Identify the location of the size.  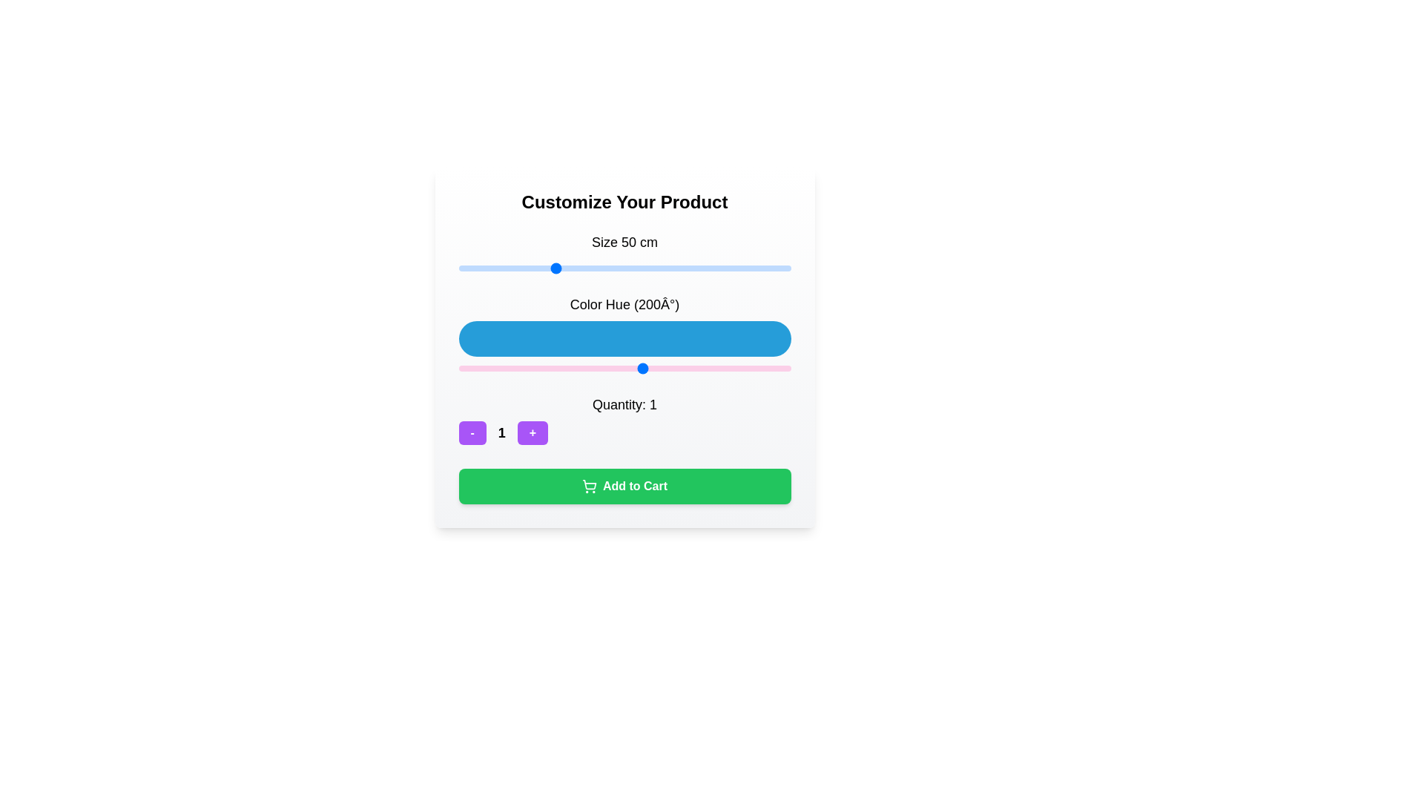
(780, 268).